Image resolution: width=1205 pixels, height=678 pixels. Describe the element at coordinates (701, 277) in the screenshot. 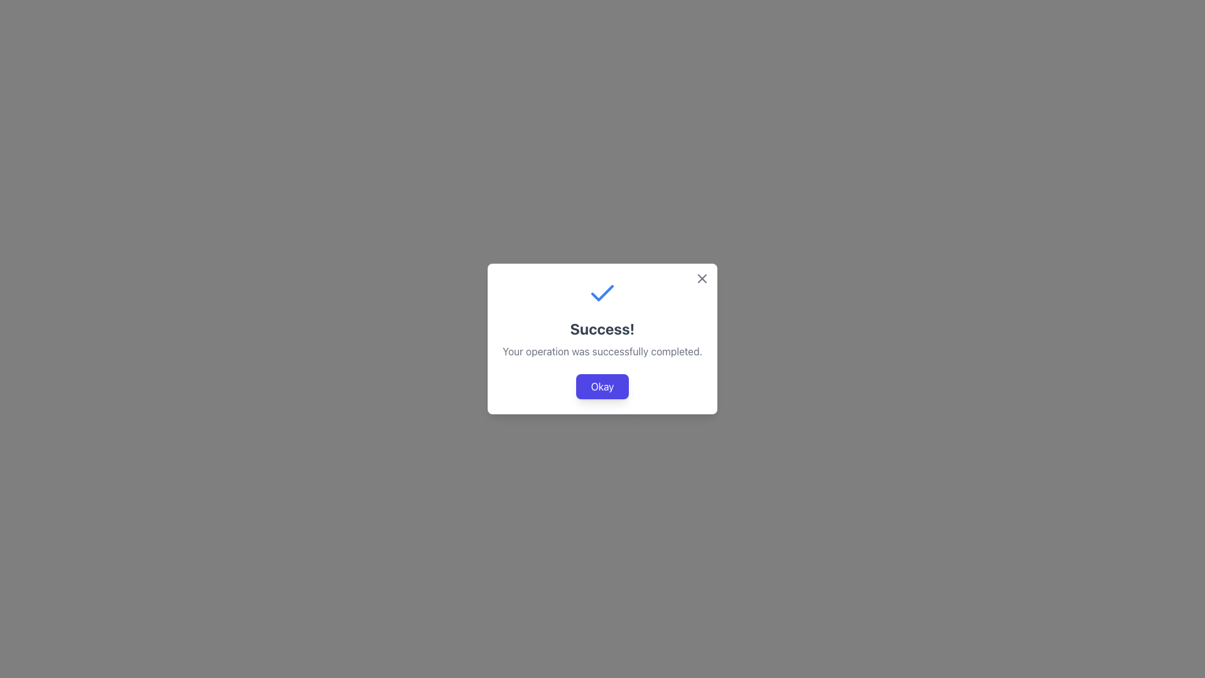

I see `the Close button represented as a small cross ('x') icon in the top-right corner of the modal box` at that location.